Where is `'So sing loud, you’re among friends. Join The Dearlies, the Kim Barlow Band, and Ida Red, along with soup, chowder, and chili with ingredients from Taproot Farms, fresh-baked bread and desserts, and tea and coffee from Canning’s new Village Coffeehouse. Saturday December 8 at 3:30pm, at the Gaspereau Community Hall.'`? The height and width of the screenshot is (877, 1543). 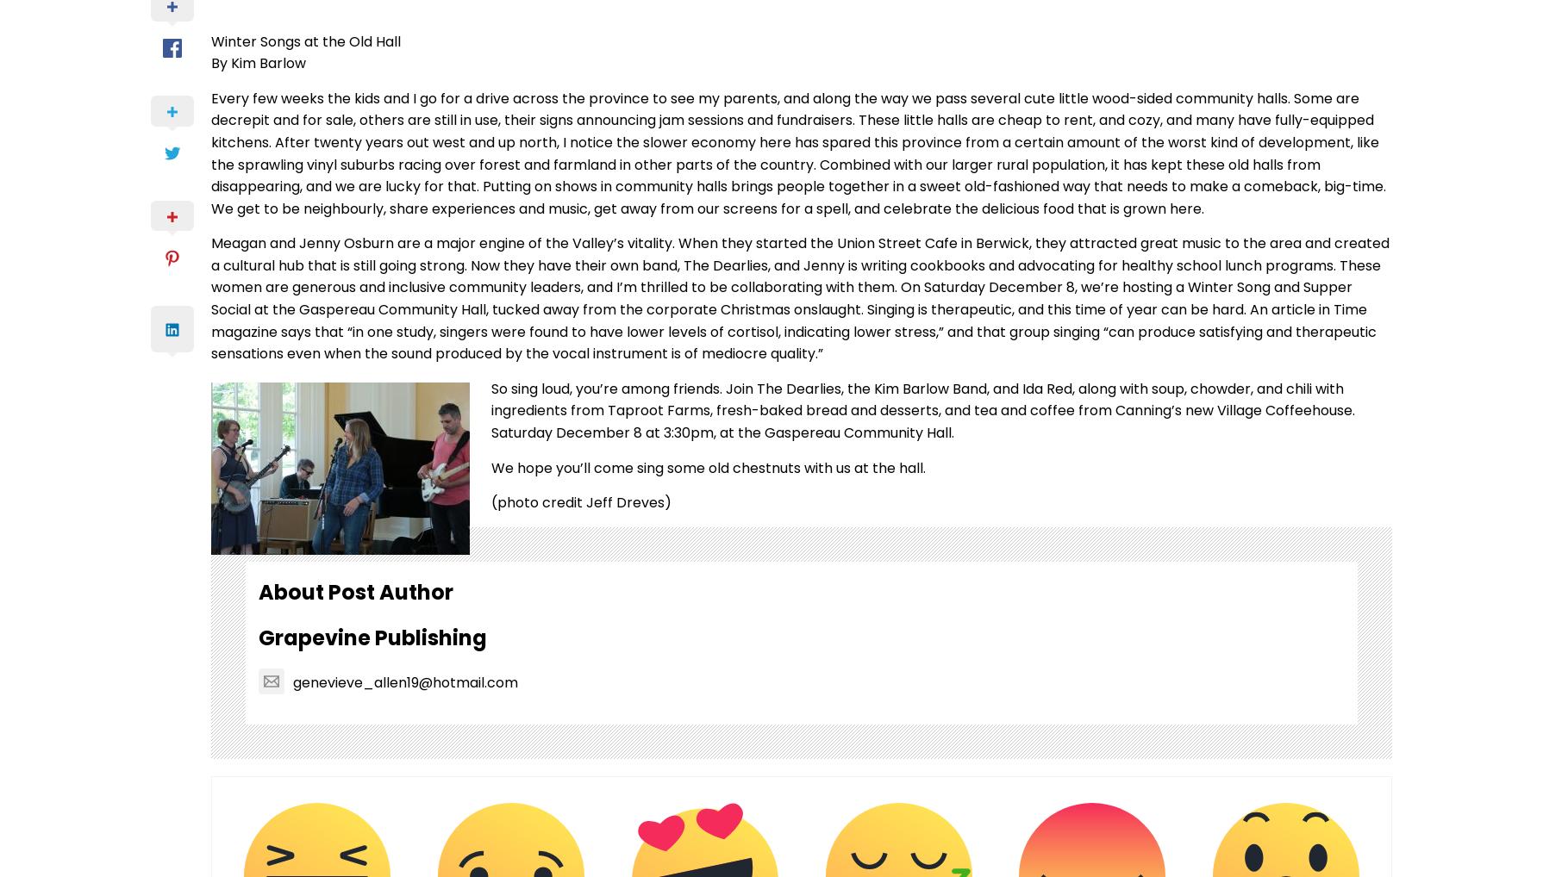
'So sing loud, you’re among friends. Join The Dearlies, the Kim Barlow Band, and Ida Red, along with soup, chowder, and chili with ingredients from Taproot Farms, fresh-baked bread and desserts, and tea and coffee from Canning’s new Village Coffeehouse. Saturday December 8 at 3:30pm, at the Gaspereau Community Hall.' is located at coordinates (922, 410).